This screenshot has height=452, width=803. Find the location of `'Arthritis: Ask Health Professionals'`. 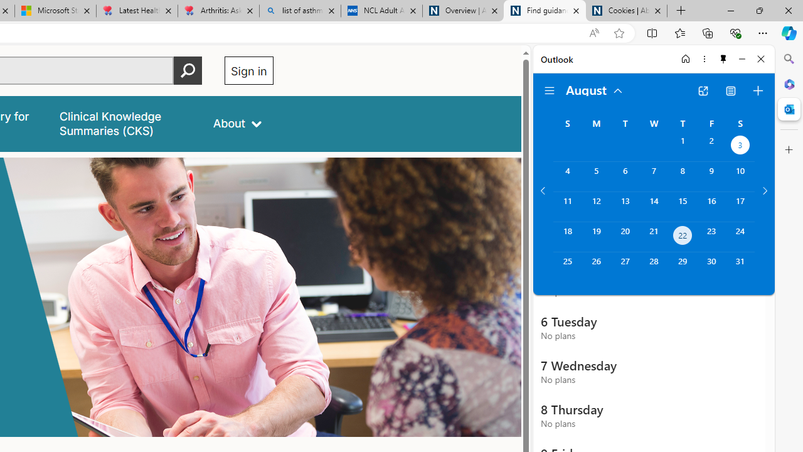

'Arthritis: Ask Health Professionals' is located at coordinates (218, 11).